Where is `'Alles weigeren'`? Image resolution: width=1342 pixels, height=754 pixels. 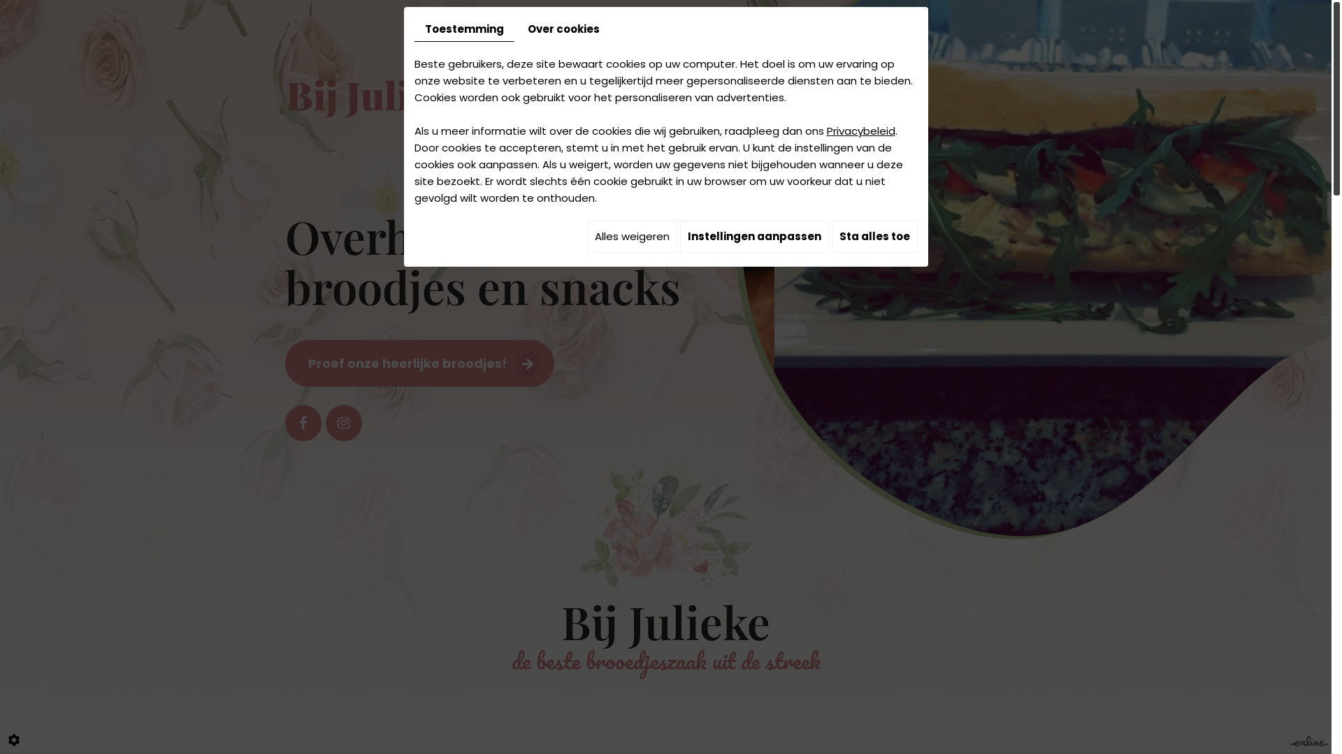
'Alles weigeren' is located at coordinates (631, 236).